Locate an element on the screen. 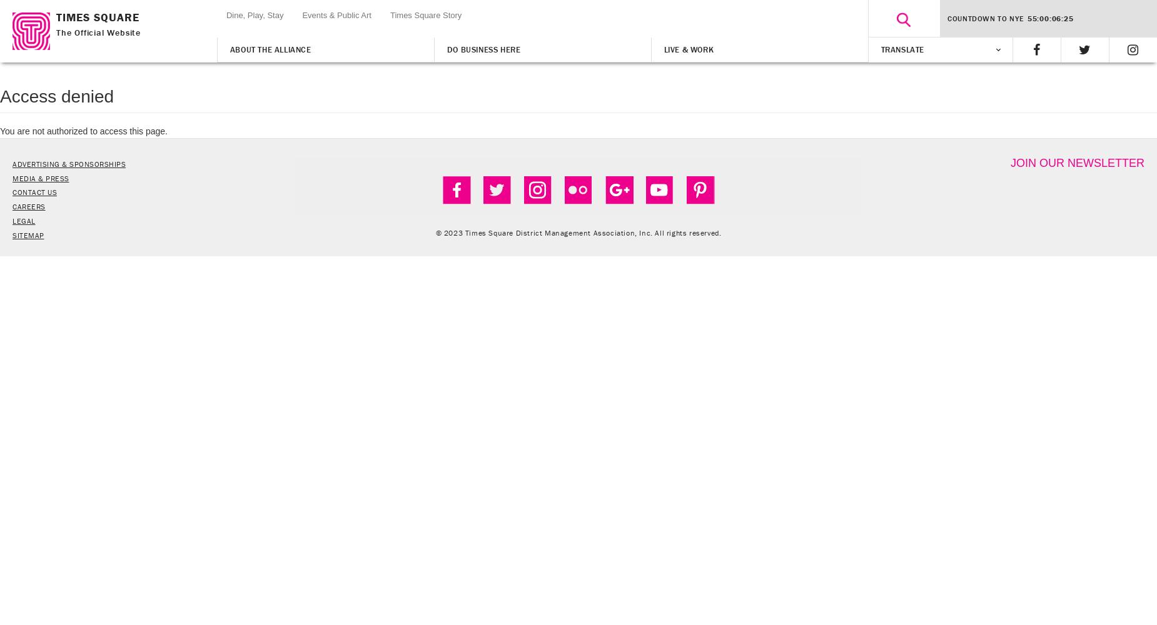 The width and height of the screenshot is (1157, 625). 'ADVERTISING & SPONSORSHIPS' is located at coordinates (68, 163).